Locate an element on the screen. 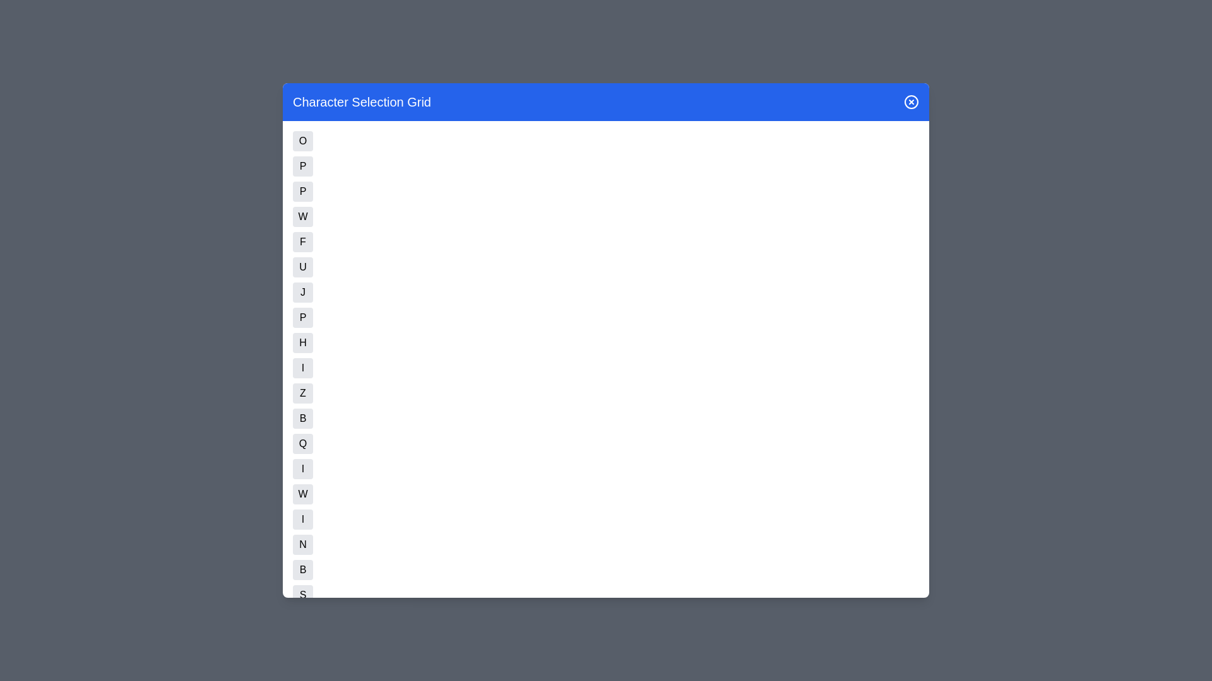  the button corresponding to character N is located at coordinates (303, 520).